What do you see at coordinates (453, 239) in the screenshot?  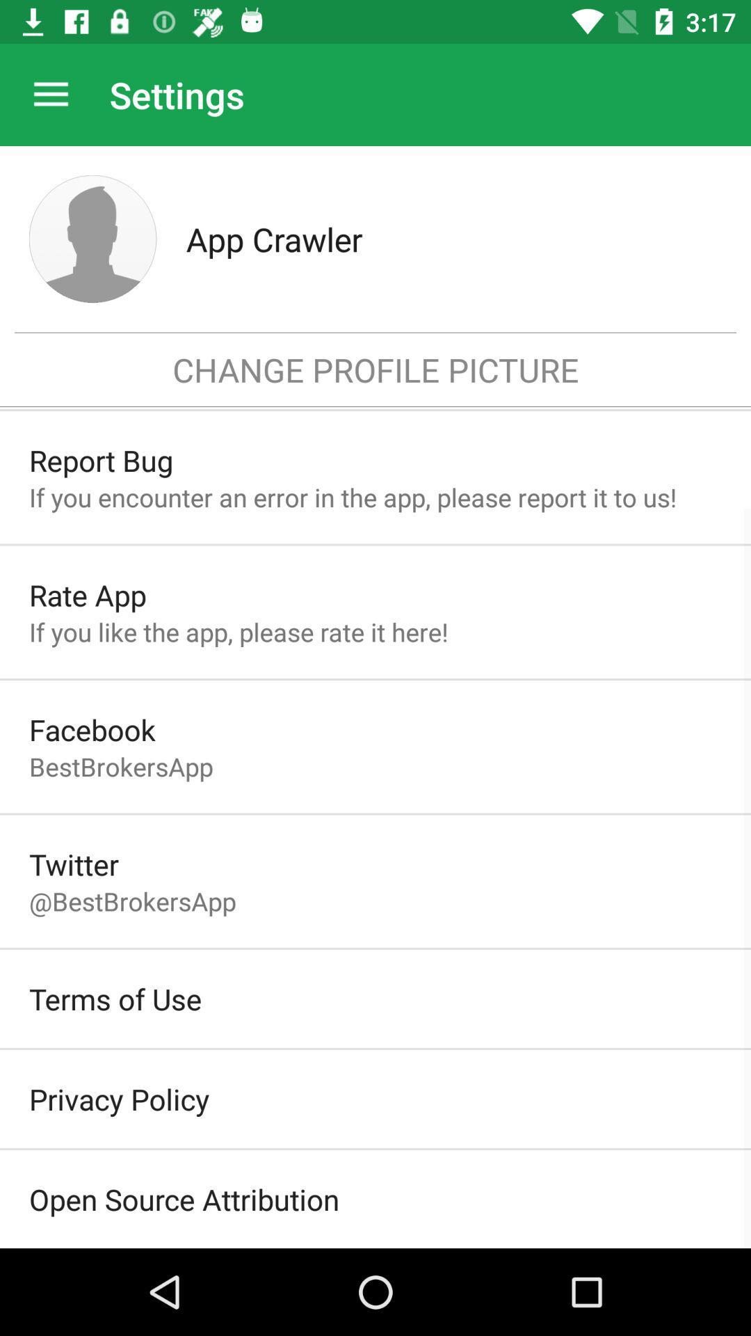 I see `the app crawler icon` at bounding box center [453, 239].